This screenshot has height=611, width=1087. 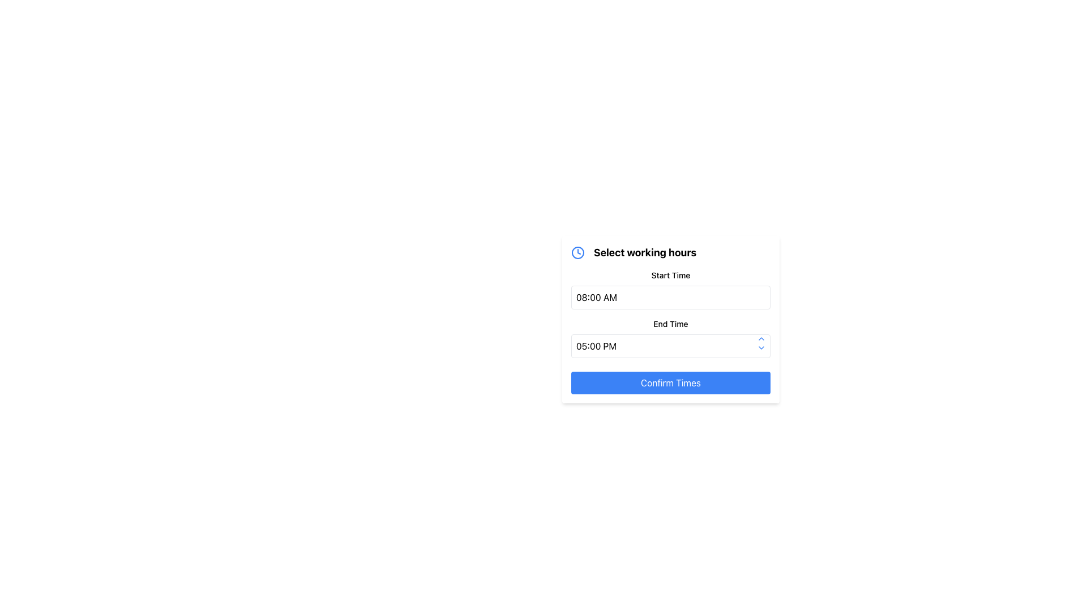 What do you see at coordinates (671, 337) in the screenshot?
I see `the 'End Time' input field labeled above with 'End Time' to focus it for editing` at bounding box center [671, 337].